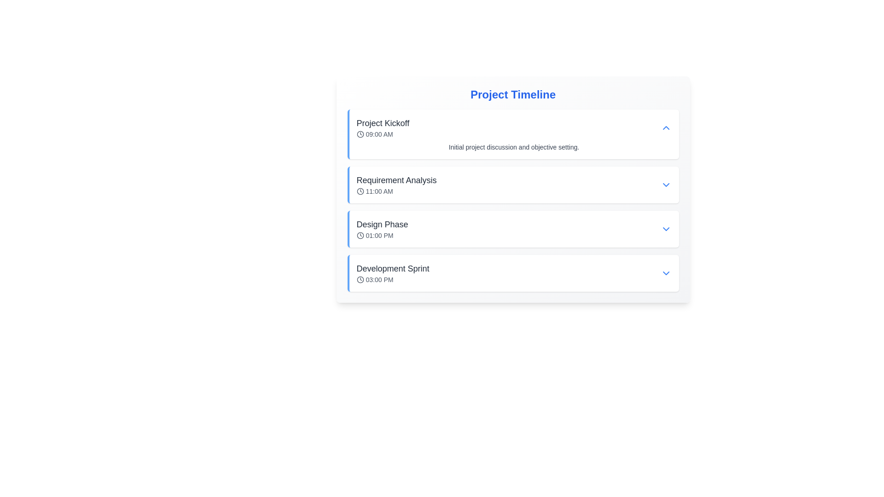  Describe the element at coordinates (360, 134) in the screenshot. I see `the circular outline of the clock icon located to the left of the text '09:00 AM'` at that location.